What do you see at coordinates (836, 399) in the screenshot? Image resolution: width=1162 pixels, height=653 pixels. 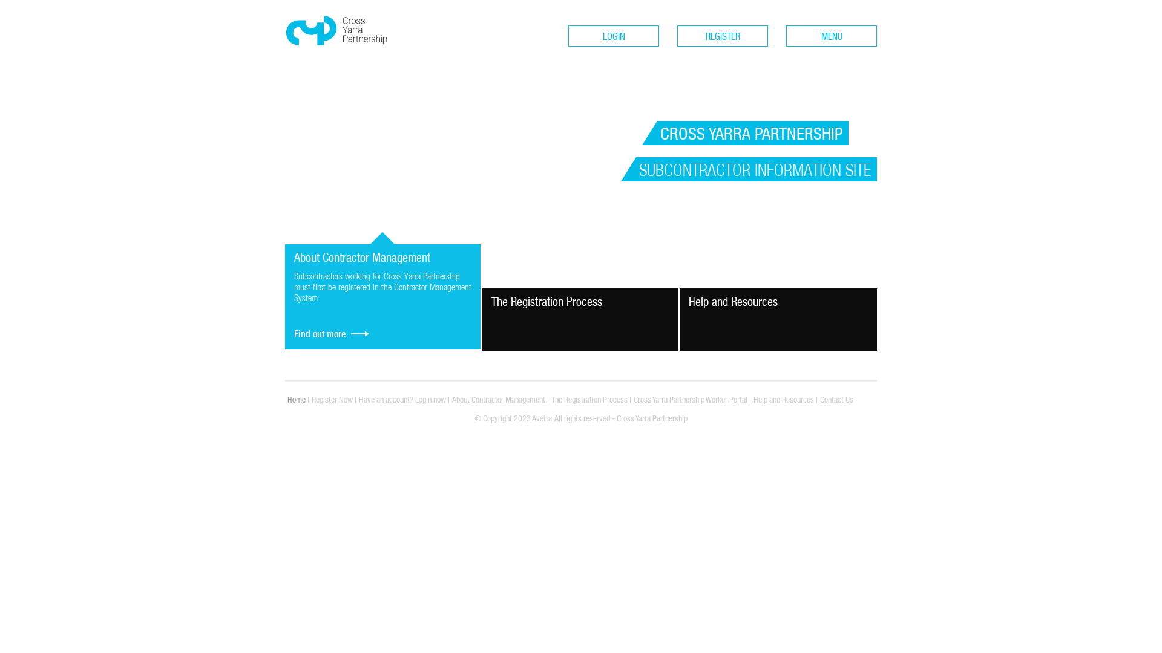 I see `'Contact Us'` at bounding box center [836, 399].